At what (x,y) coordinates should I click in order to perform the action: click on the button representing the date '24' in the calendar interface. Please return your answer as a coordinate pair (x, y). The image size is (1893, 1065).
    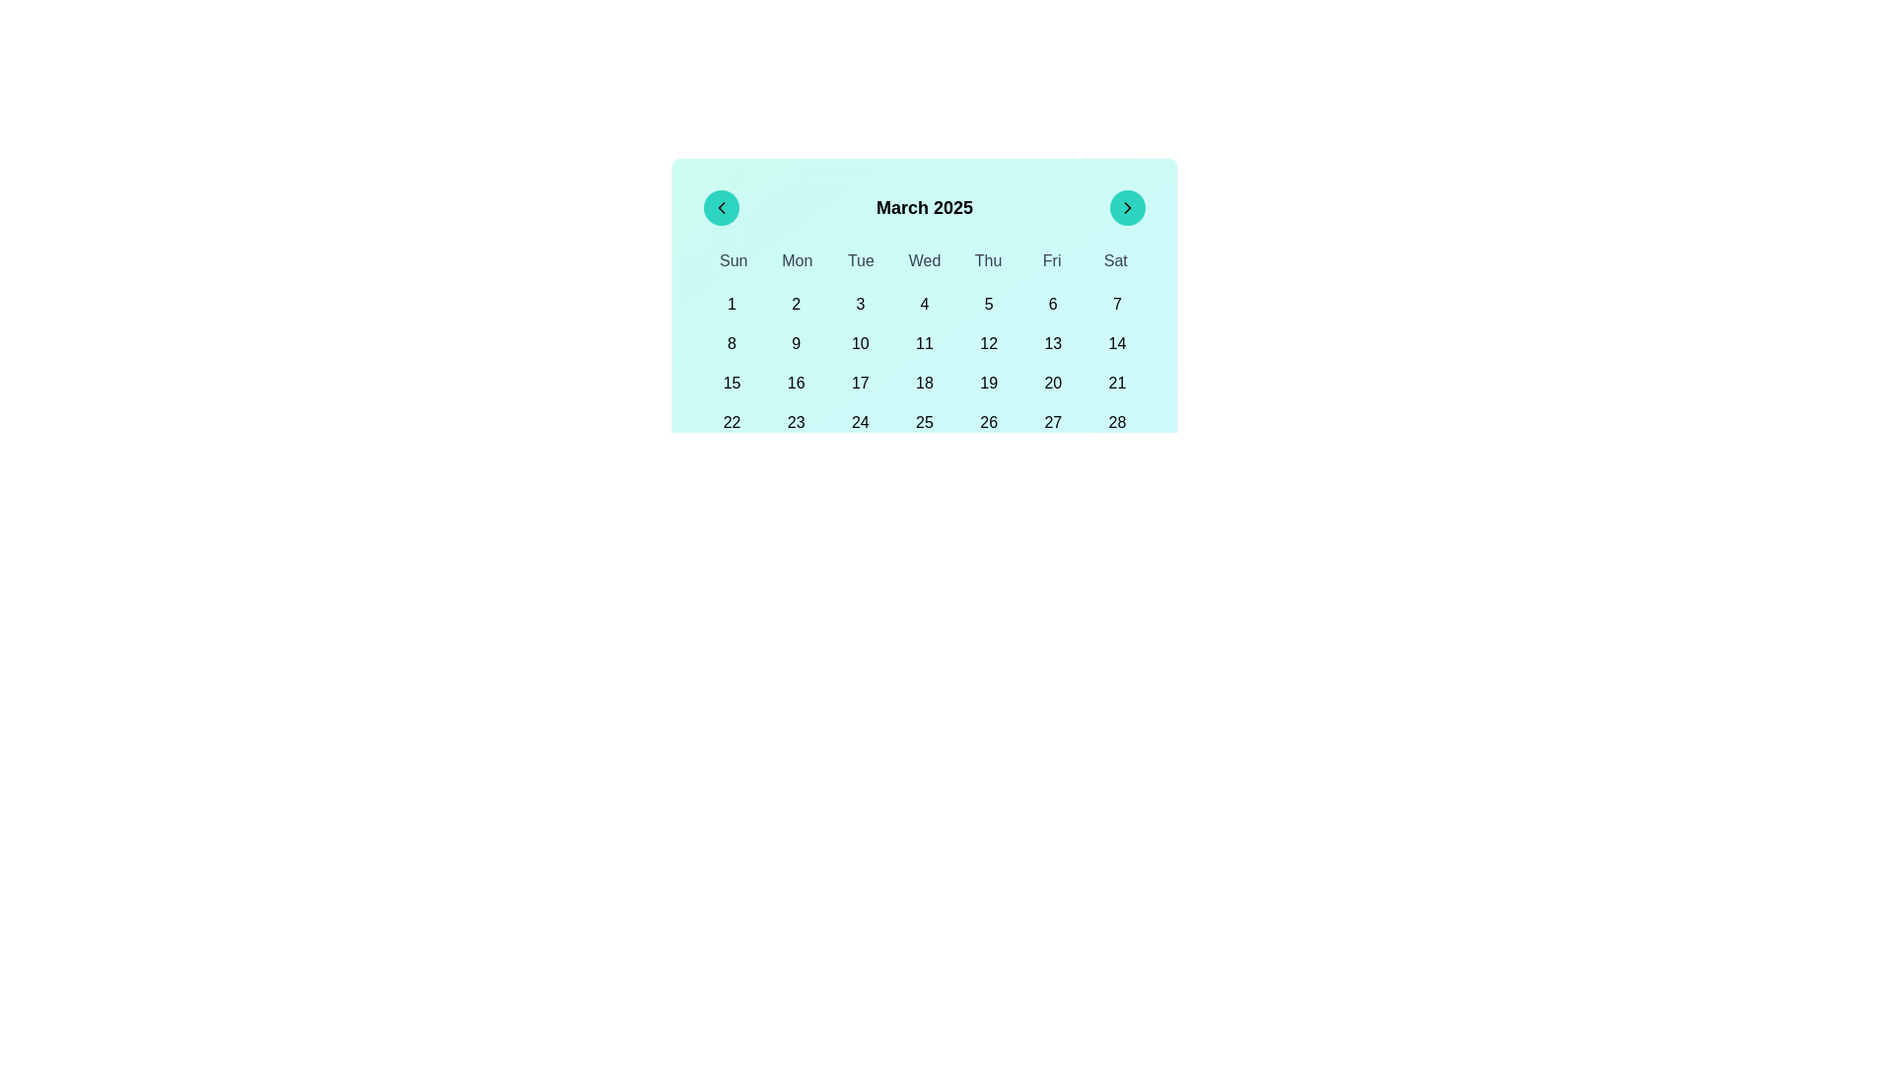
    Looking at the image, I should click on (860, 421).